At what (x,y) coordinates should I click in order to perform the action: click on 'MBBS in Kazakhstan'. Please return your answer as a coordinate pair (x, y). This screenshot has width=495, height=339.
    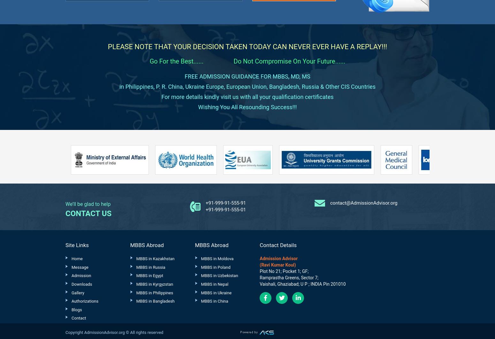
    Looking at the image, I should click on (155, 258).